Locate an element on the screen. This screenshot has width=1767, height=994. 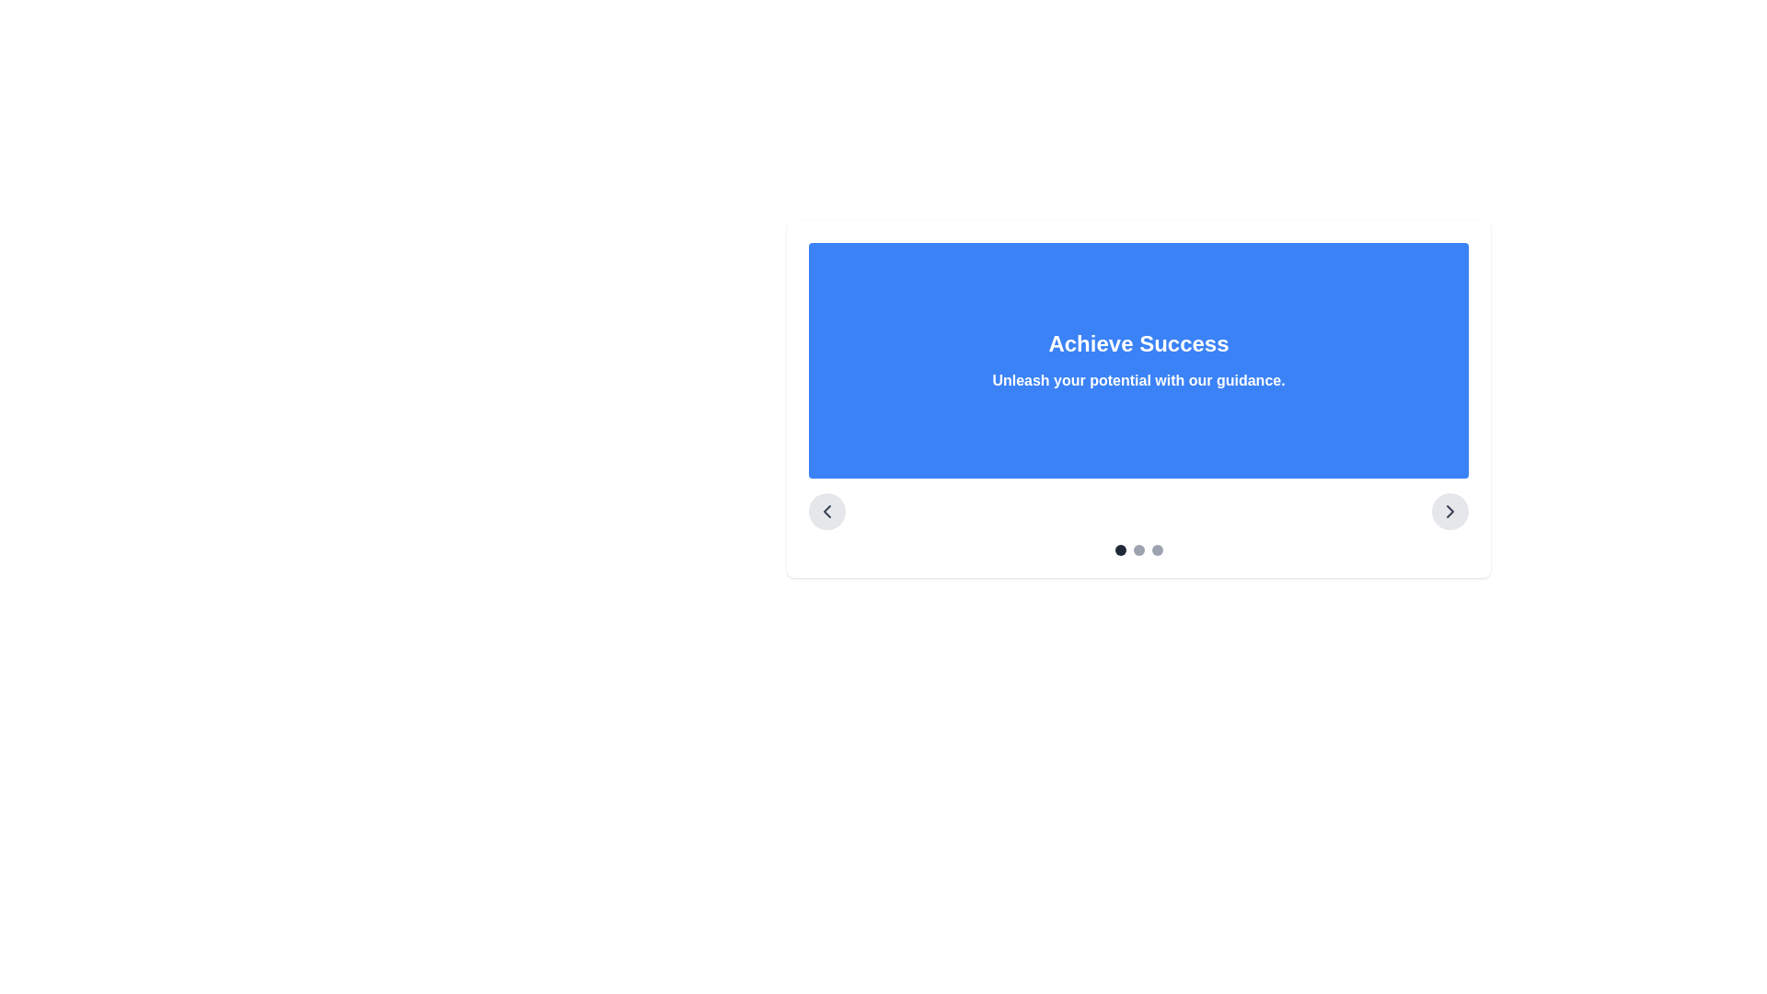
the navigation bar buttons located in the section titled 'Achieve Success' is located at coordinates (1138, 511).